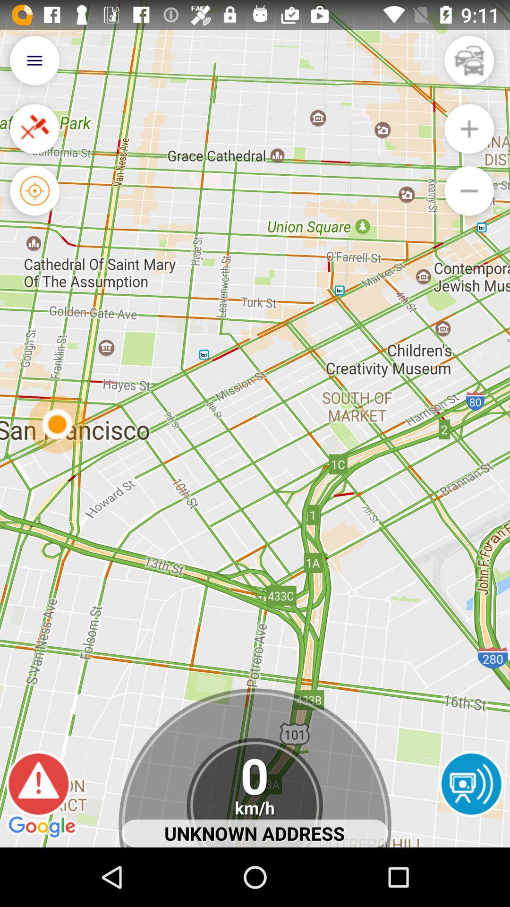 This screenshot has height=907, width=510. Describe the element at coordinates (469, 204) in the screenshot. I see `the minus icon` at that location.